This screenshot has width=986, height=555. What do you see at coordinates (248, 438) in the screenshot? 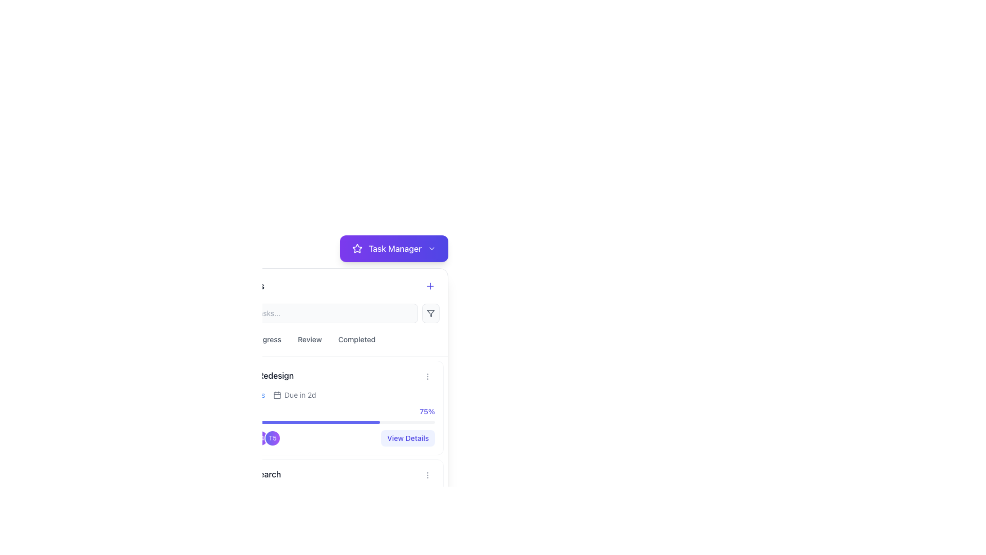
I see `the circular button labeled 'T3' with a gradient background transitioning from indigo to purple, which is the third button in a row of five, located towards the lower part of the interface` at bounding box center [248, 438].